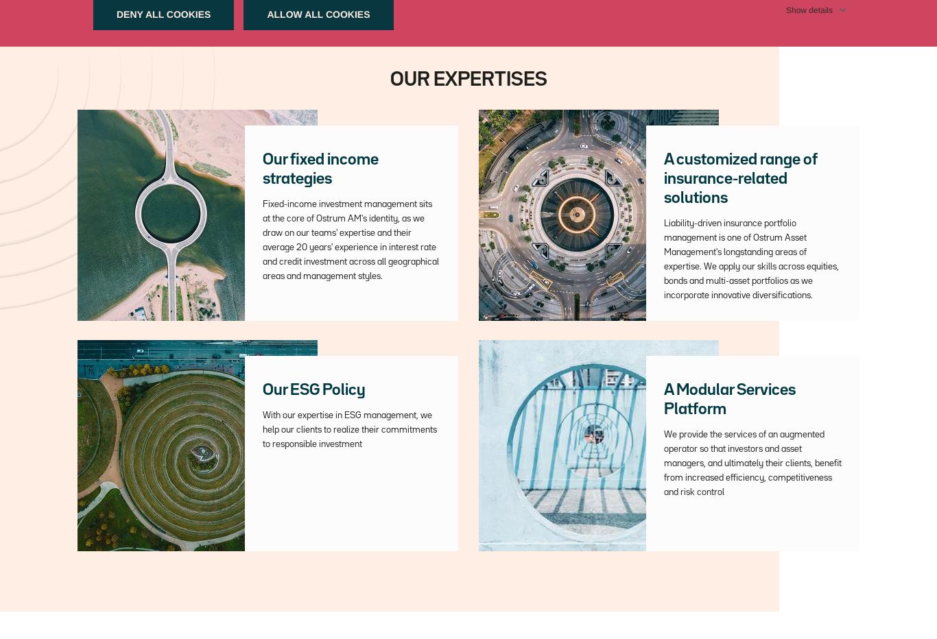  What do you see at coordinates (163, 13) in the screenshot?
I see `'Deny all cookies'` at bounding box center [163, 13].